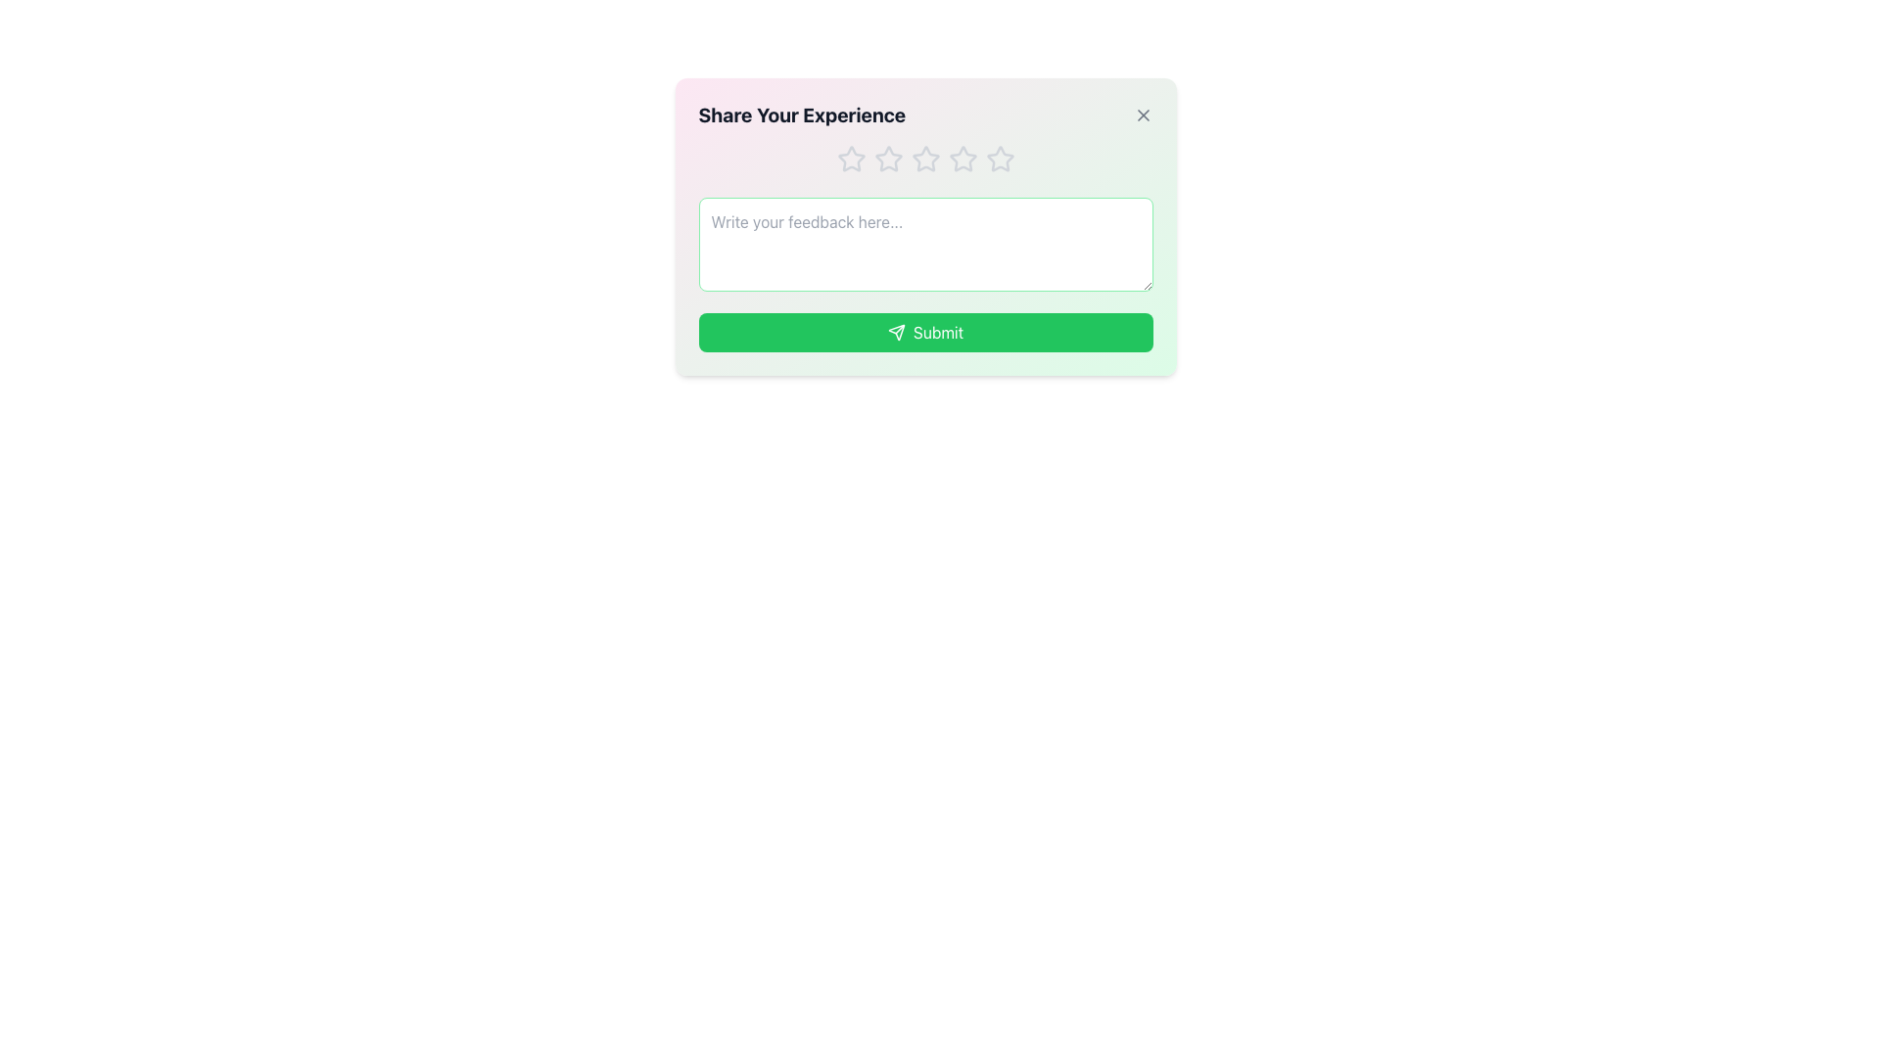  Describe the element at coordinates (887, 158) in the screenshot. I see `the second star icon in the feedback modal labeled 'Share Your Experience'` at that location.